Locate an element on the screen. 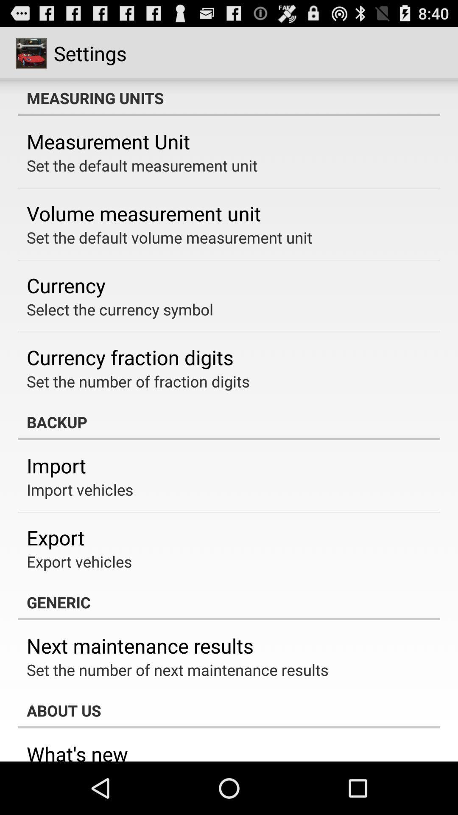 The image size is (458, 815). what's new icon is located at coordinates (77, 751).